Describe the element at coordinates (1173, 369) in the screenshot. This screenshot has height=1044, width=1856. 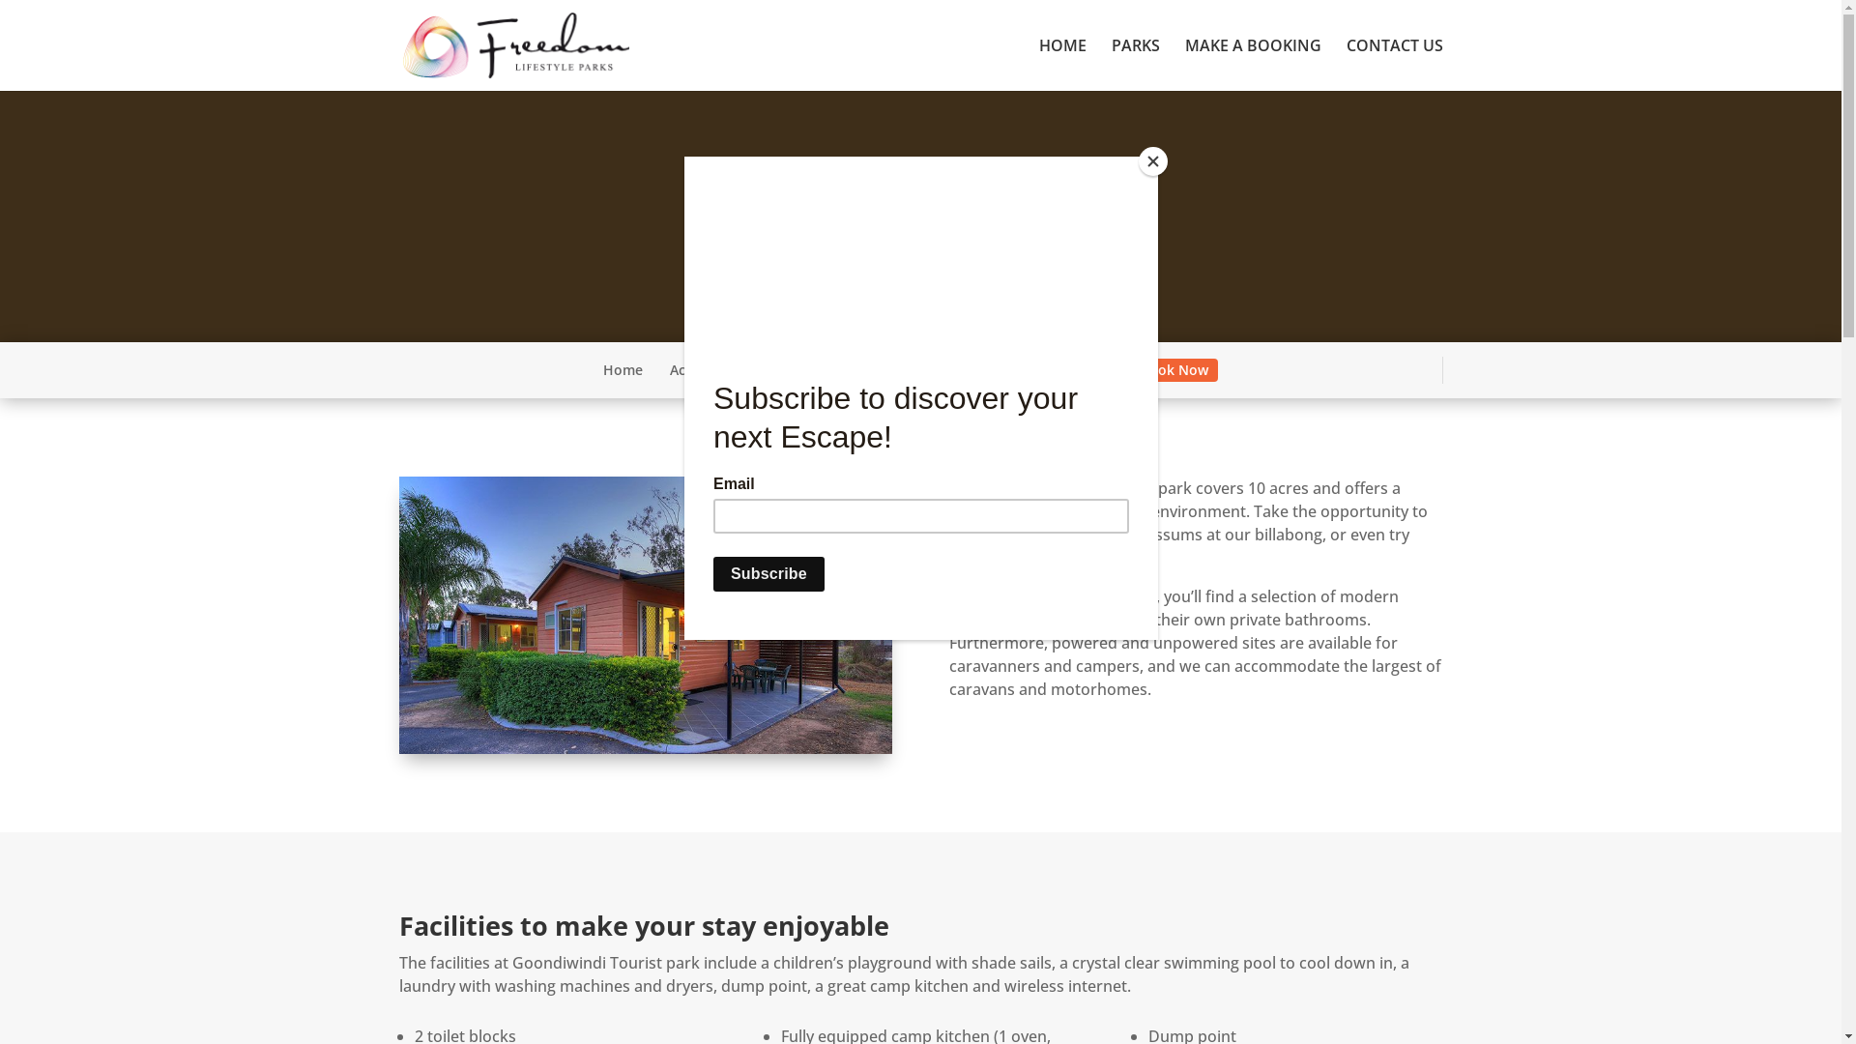
I see `'Book Now'` at that location.